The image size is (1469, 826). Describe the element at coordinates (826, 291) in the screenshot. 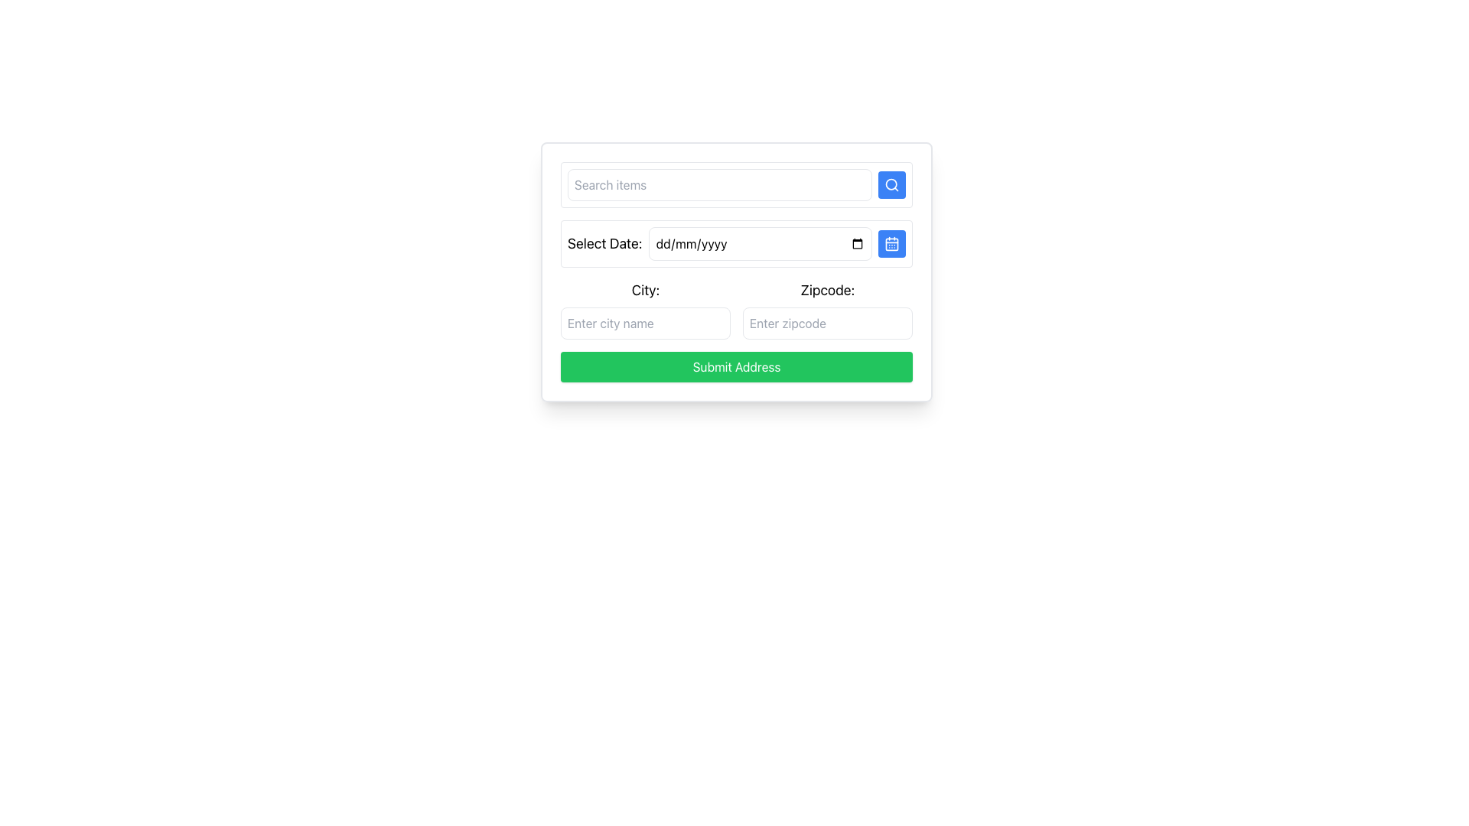

I see `the label indicating the input field for entering a ZIP code, located in the lower-right portion of the form, positioned above the 'Enter zipcode' input field` at that location.